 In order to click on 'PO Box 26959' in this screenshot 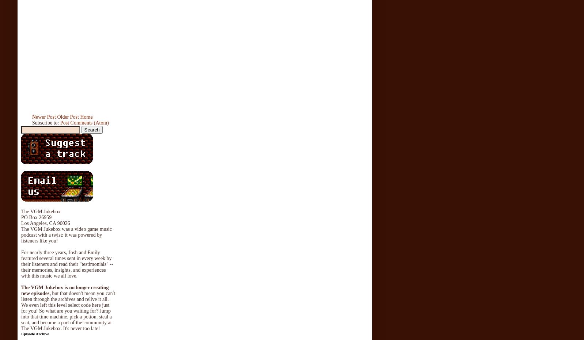, I will do `click(36, 217)`.